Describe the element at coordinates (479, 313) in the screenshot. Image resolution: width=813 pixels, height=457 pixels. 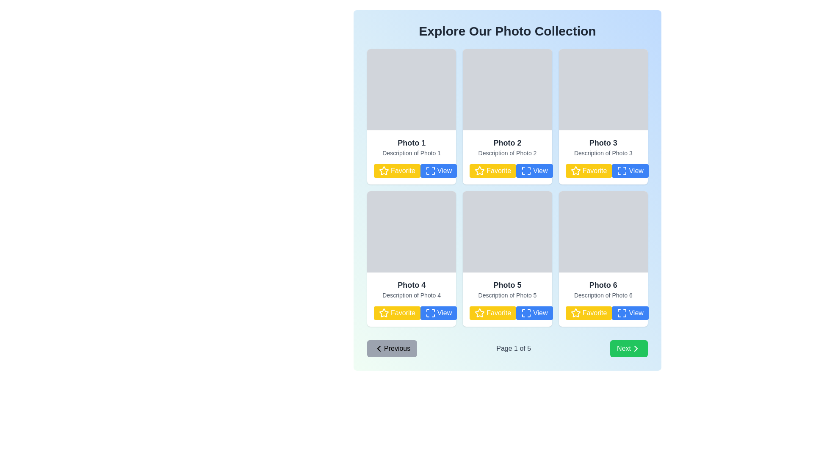
I see `the favorite icon located under 'Photo 5' to favorite the item` at that location.